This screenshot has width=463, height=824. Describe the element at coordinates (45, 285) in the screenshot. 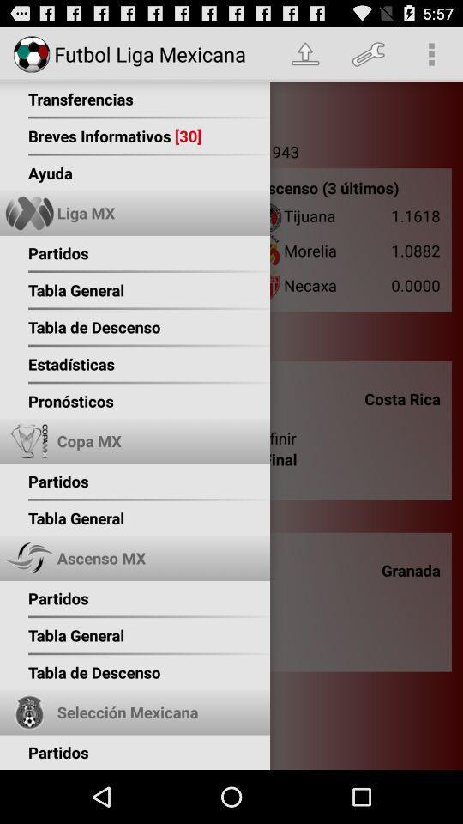

I see `the second row text tabla which is under the liga mx` at that location.